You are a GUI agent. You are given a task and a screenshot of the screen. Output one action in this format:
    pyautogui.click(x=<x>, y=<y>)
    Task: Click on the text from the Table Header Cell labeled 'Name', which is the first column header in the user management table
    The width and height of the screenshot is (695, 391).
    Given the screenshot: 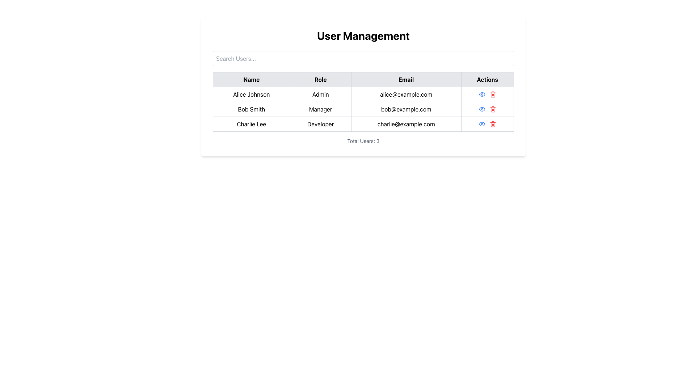 What is the action you would take?
    pyautogui.click(x=251, y=79)
    